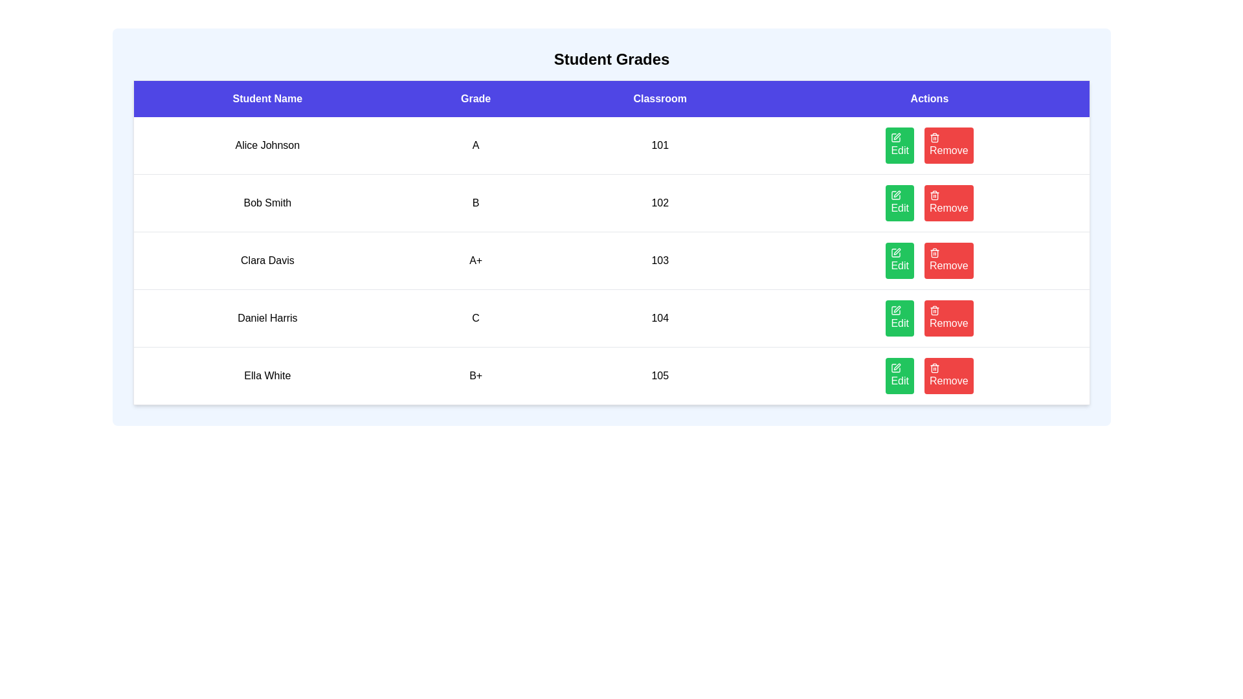 Image resolution: width=1243 pixels, height=699 pixels. What do you see at coordinates (948, 318) in the screenshot?
I see `the Remove button for the student named Daniel Harris` at bounding box center [948, 318].